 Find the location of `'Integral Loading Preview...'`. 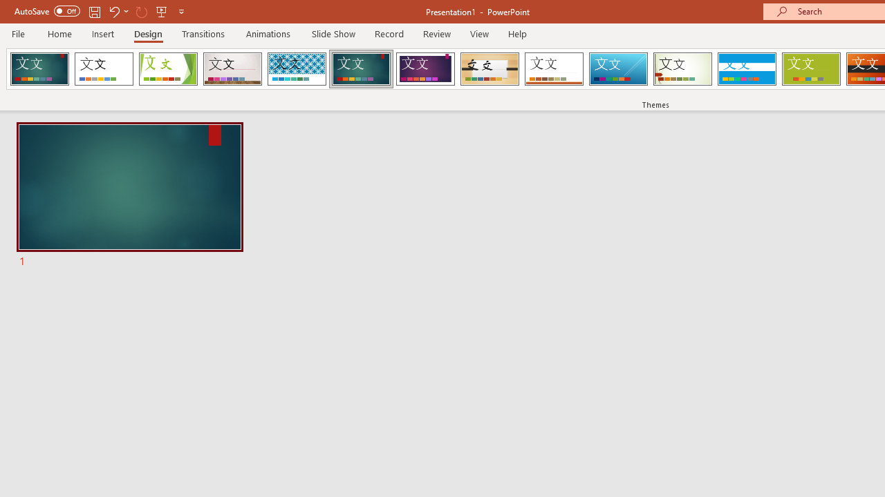

'Integral Loading Preview...' is located at coordinates (296, 69).